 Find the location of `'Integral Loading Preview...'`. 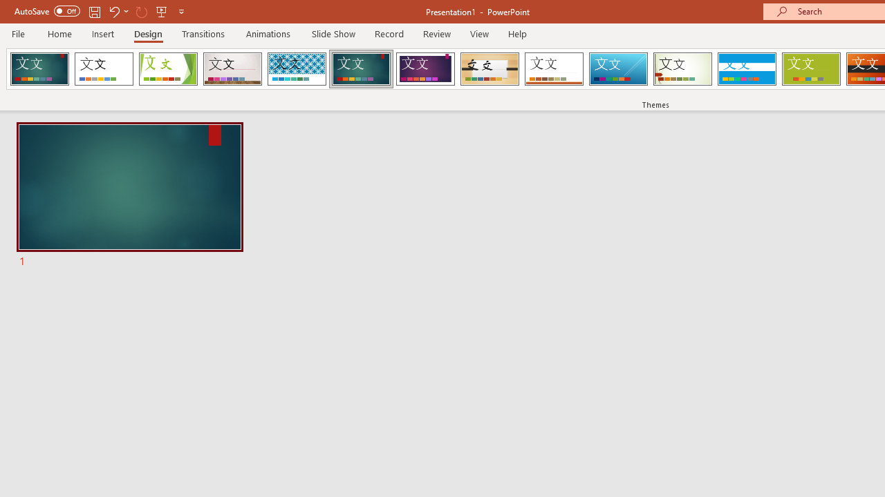

'Integral Loading Preview...' is located at coordinates (296, 69).